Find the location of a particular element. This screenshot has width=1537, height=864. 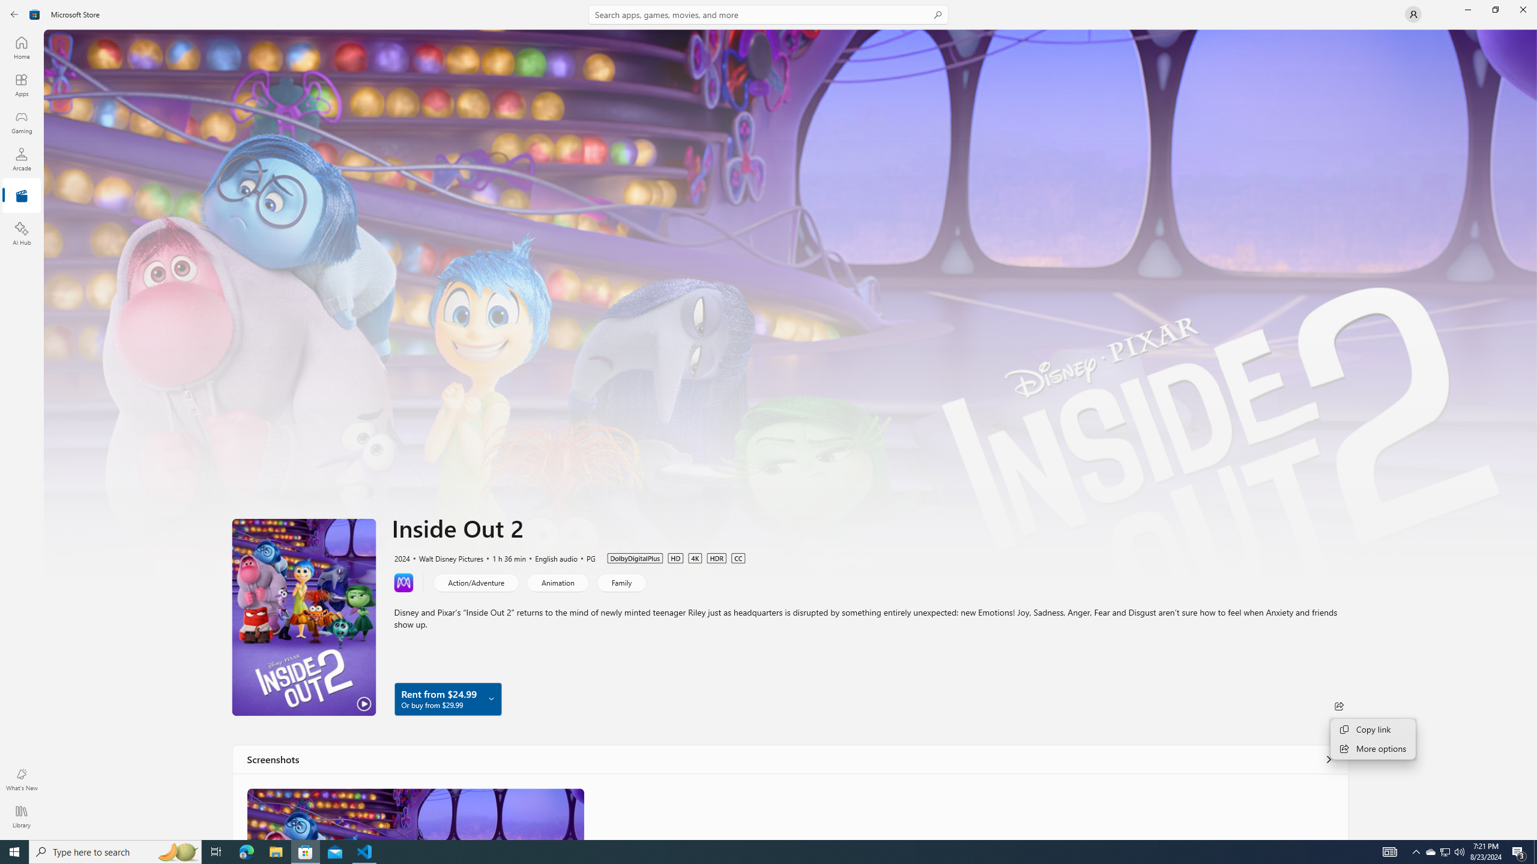

'Play Trailer' is located at coordinates (303, 616).